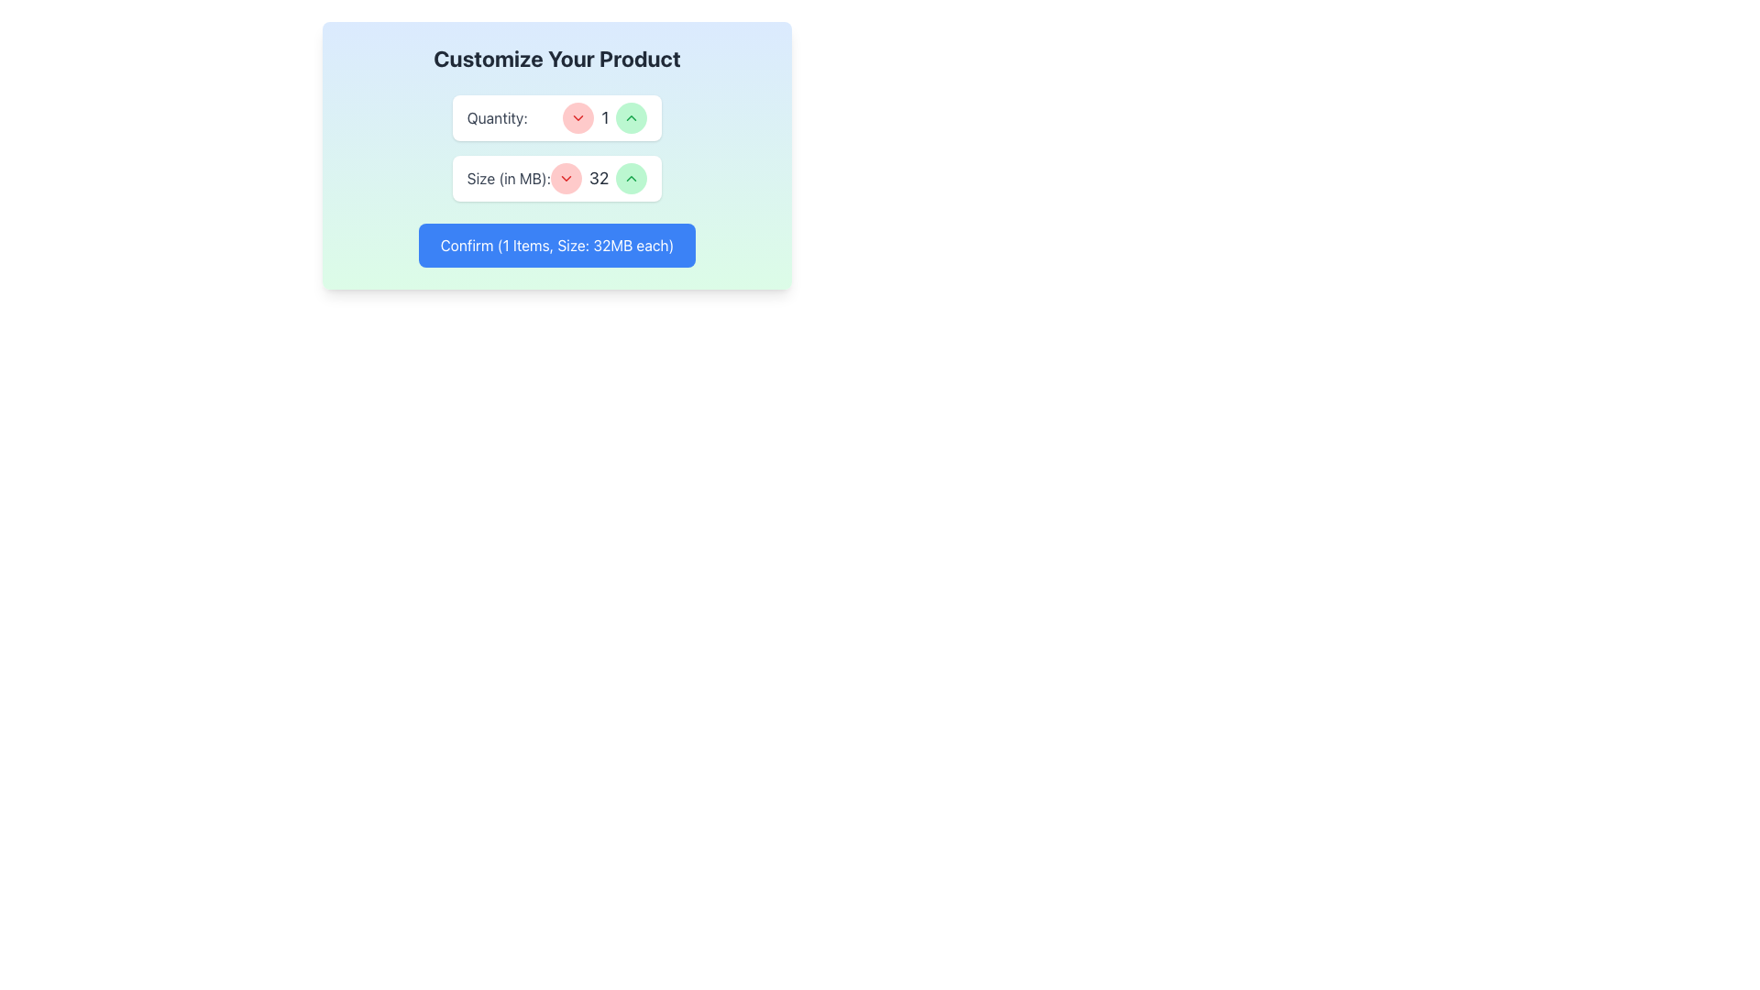  What do you see at coordinates (556, 179) in the screenshot?
I see `the green increment button on the Interactive Card labeled 'Size (in MB):' to increase the value from 32` at bounding box center [556, 179].